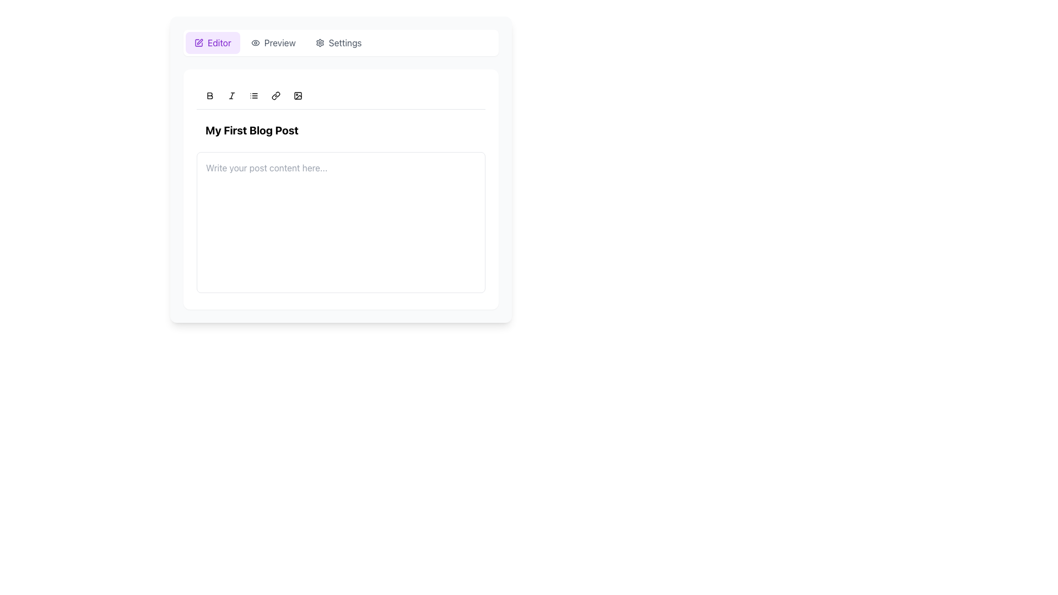 The image size is (1058, 595). I want to click on the editing icon located in the top-left toolbar above the text editor area, so click(198, 42).